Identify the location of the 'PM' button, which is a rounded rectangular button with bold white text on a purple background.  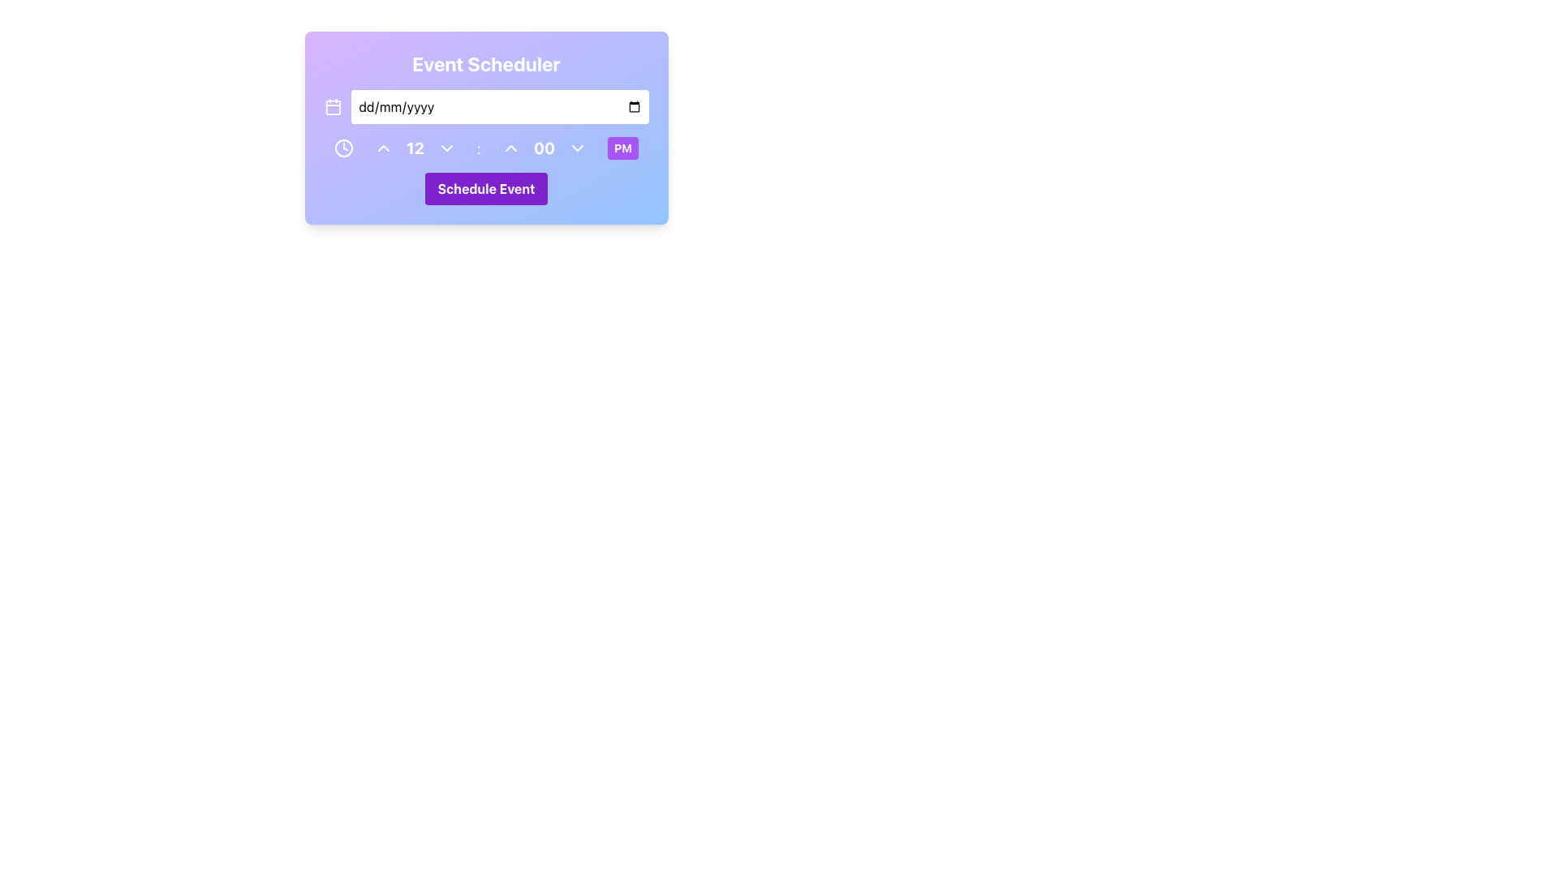
(622, 148).